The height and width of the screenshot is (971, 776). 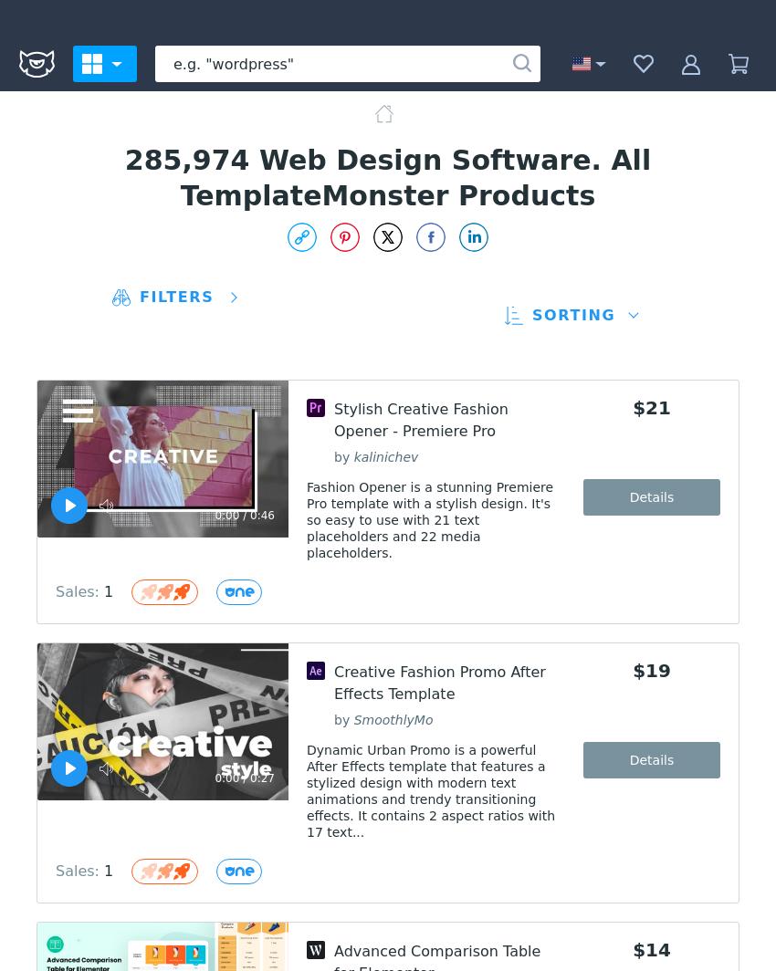 I want to click on 'Filters', so click(x=140, y=297).